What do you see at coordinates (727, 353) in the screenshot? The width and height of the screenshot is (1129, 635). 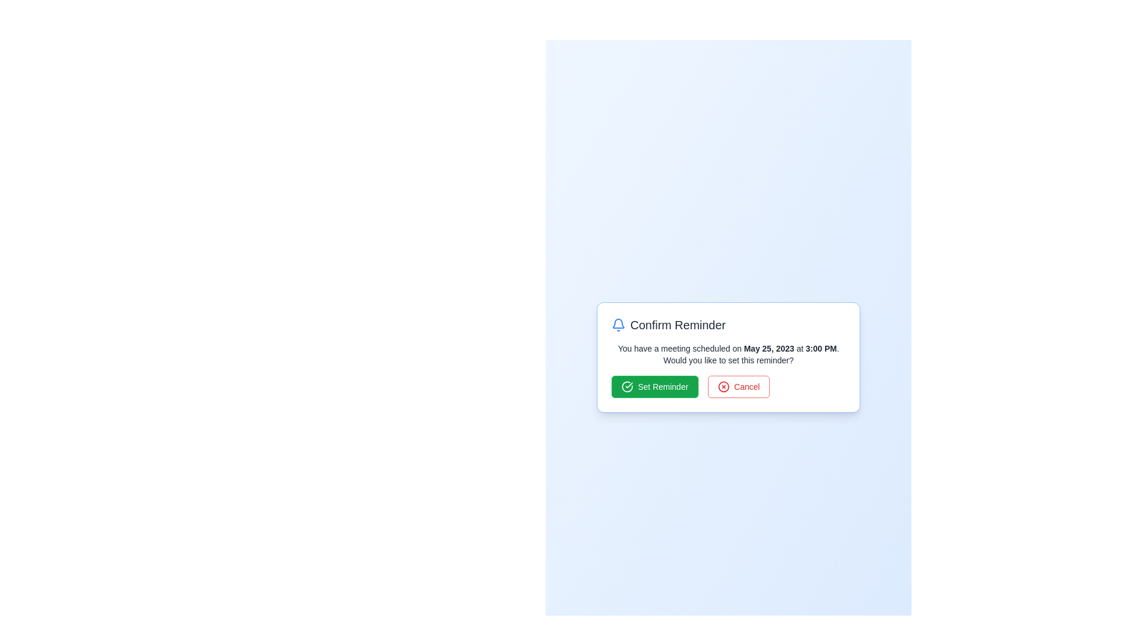 I see `descriptive text block informing the user about the scheduled meeting and prompting confirmation for setting a reminder, located in the center of a card below the title 'Confirm Reminder'` at bounding box center [727, 353].